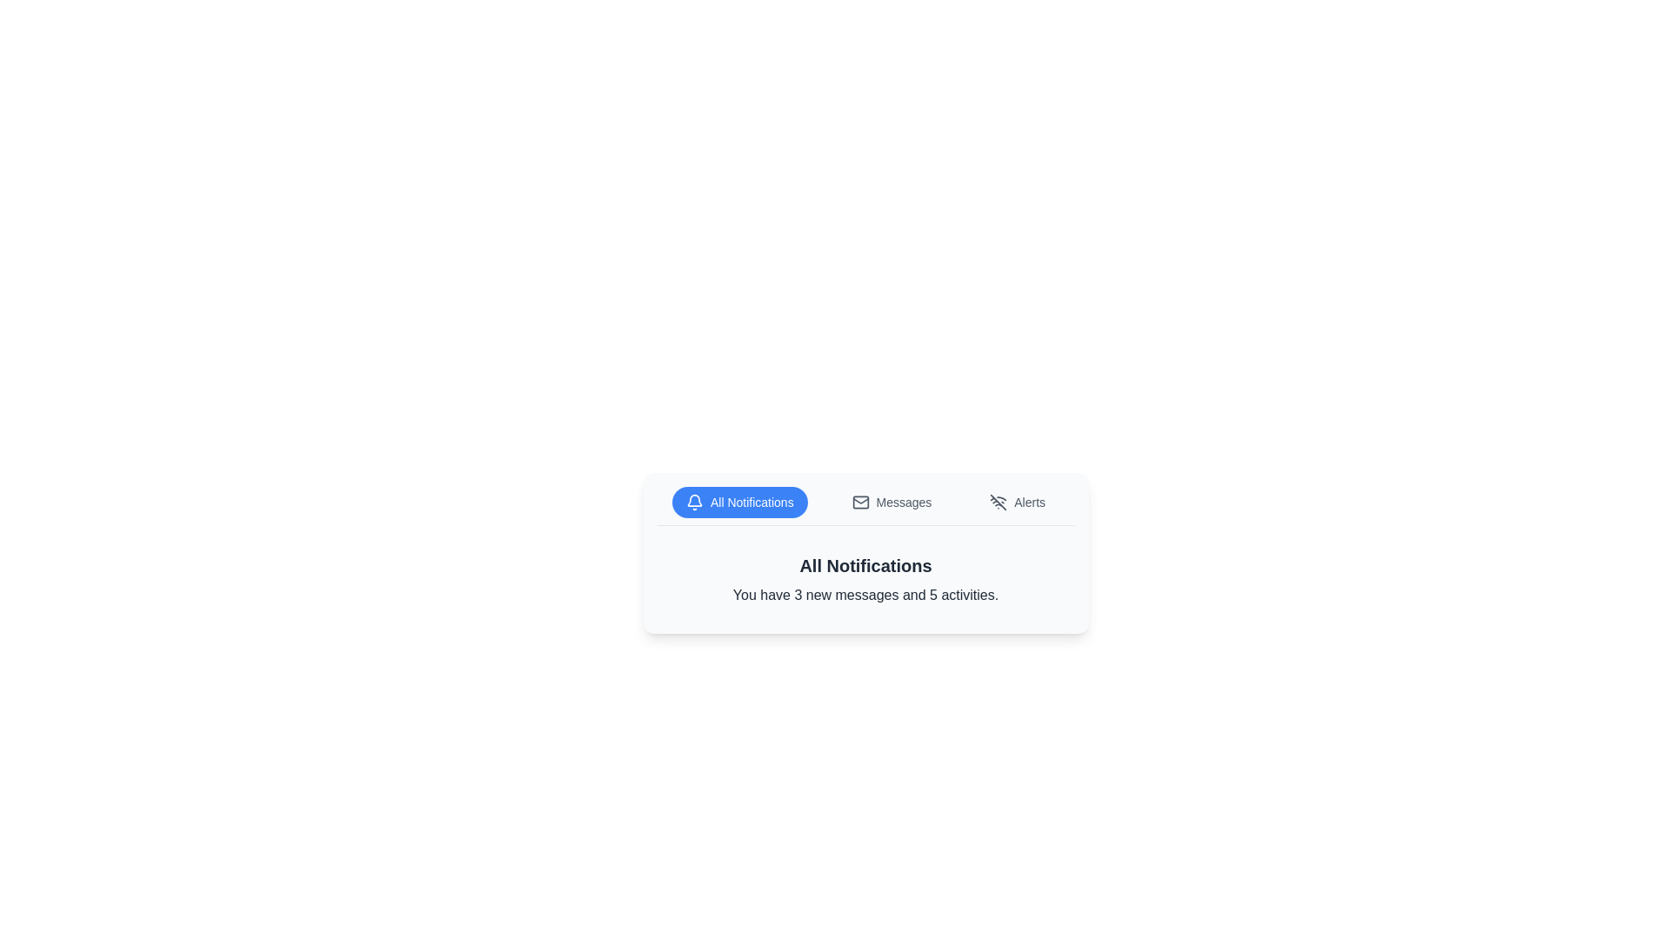 Image resolution: width=1670 pixels, height=939 pixels. Describe the element at coordinates (1018, 503) in the screenshot. I see `the 'Alerts' button located in the top horizontal menu of the notification panel using keyboard navigation` at that location.